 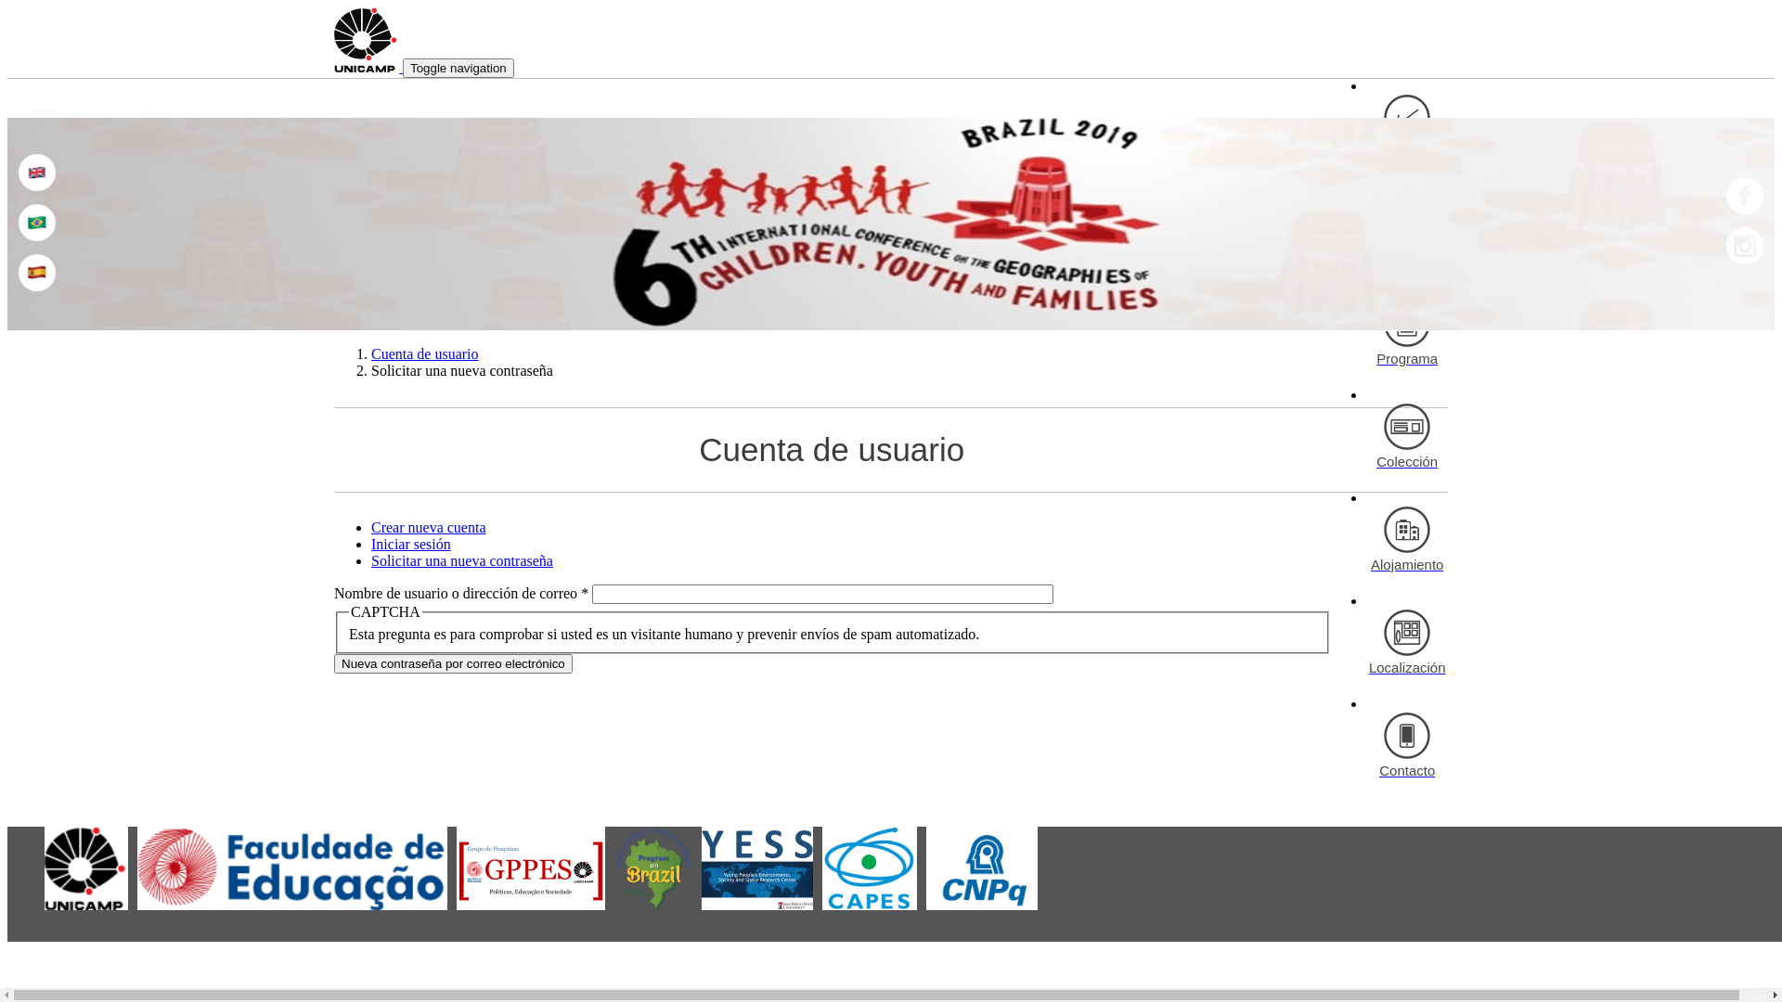 What do you see at coordinates (1407, 746) in the screenshot?
I see `'Contacto'` at bounding box center [1407, 746].